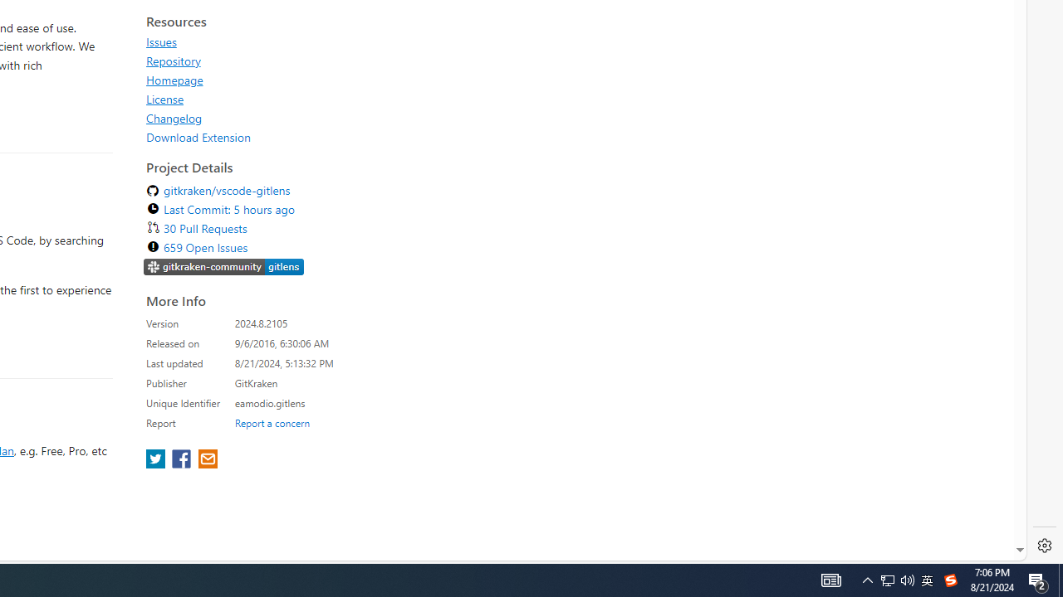 This screenshot has height=597, width=1063. Describe the element at coordinates (174, 80) in the screenshot. I see `'Homepage'` at that location.